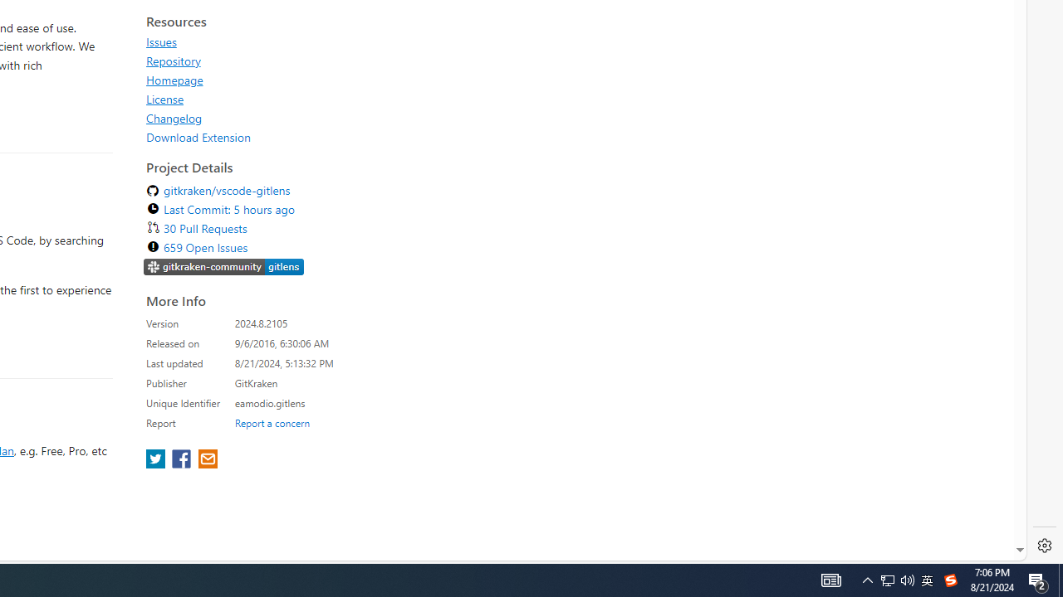 This screenshot has height=597, width=1063. Describe the element at coordinates (174, 80) in the screenshot. I see `'Homepage'` at that location.